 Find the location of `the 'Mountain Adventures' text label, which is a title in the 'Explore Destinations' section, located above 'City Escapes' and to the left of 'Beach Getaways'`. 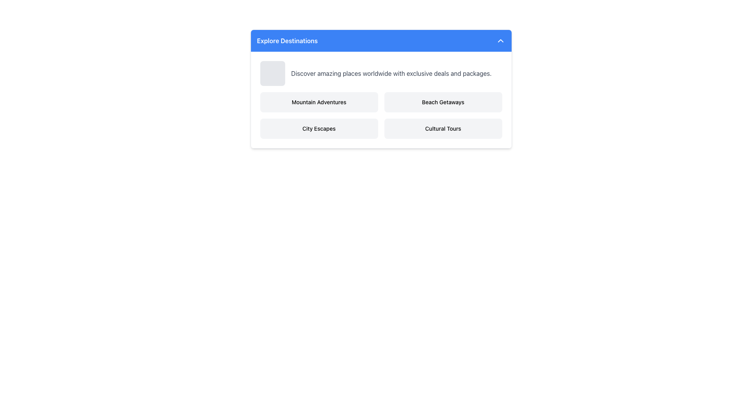

the 'Mountain Adventures' text label, which is a title in the 'Explore Destinations' section, located above 'City Escapes' and to the left of 'Beach Getaways' is located at coordinates (319, 101).